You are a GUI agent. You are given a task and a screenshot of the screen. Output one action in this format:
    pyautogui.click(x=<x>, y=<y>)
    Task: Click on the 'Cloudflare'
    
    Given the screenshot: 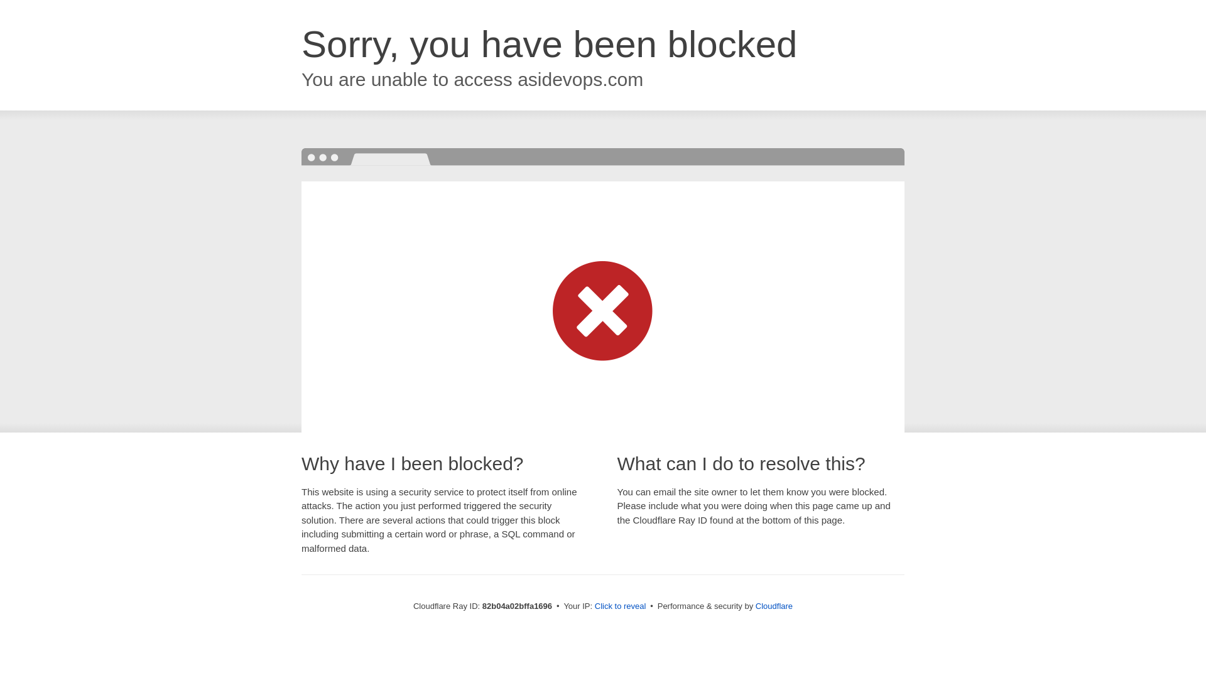 What is the action you would take?
    pyautogui.click(x=773, y=605)
    